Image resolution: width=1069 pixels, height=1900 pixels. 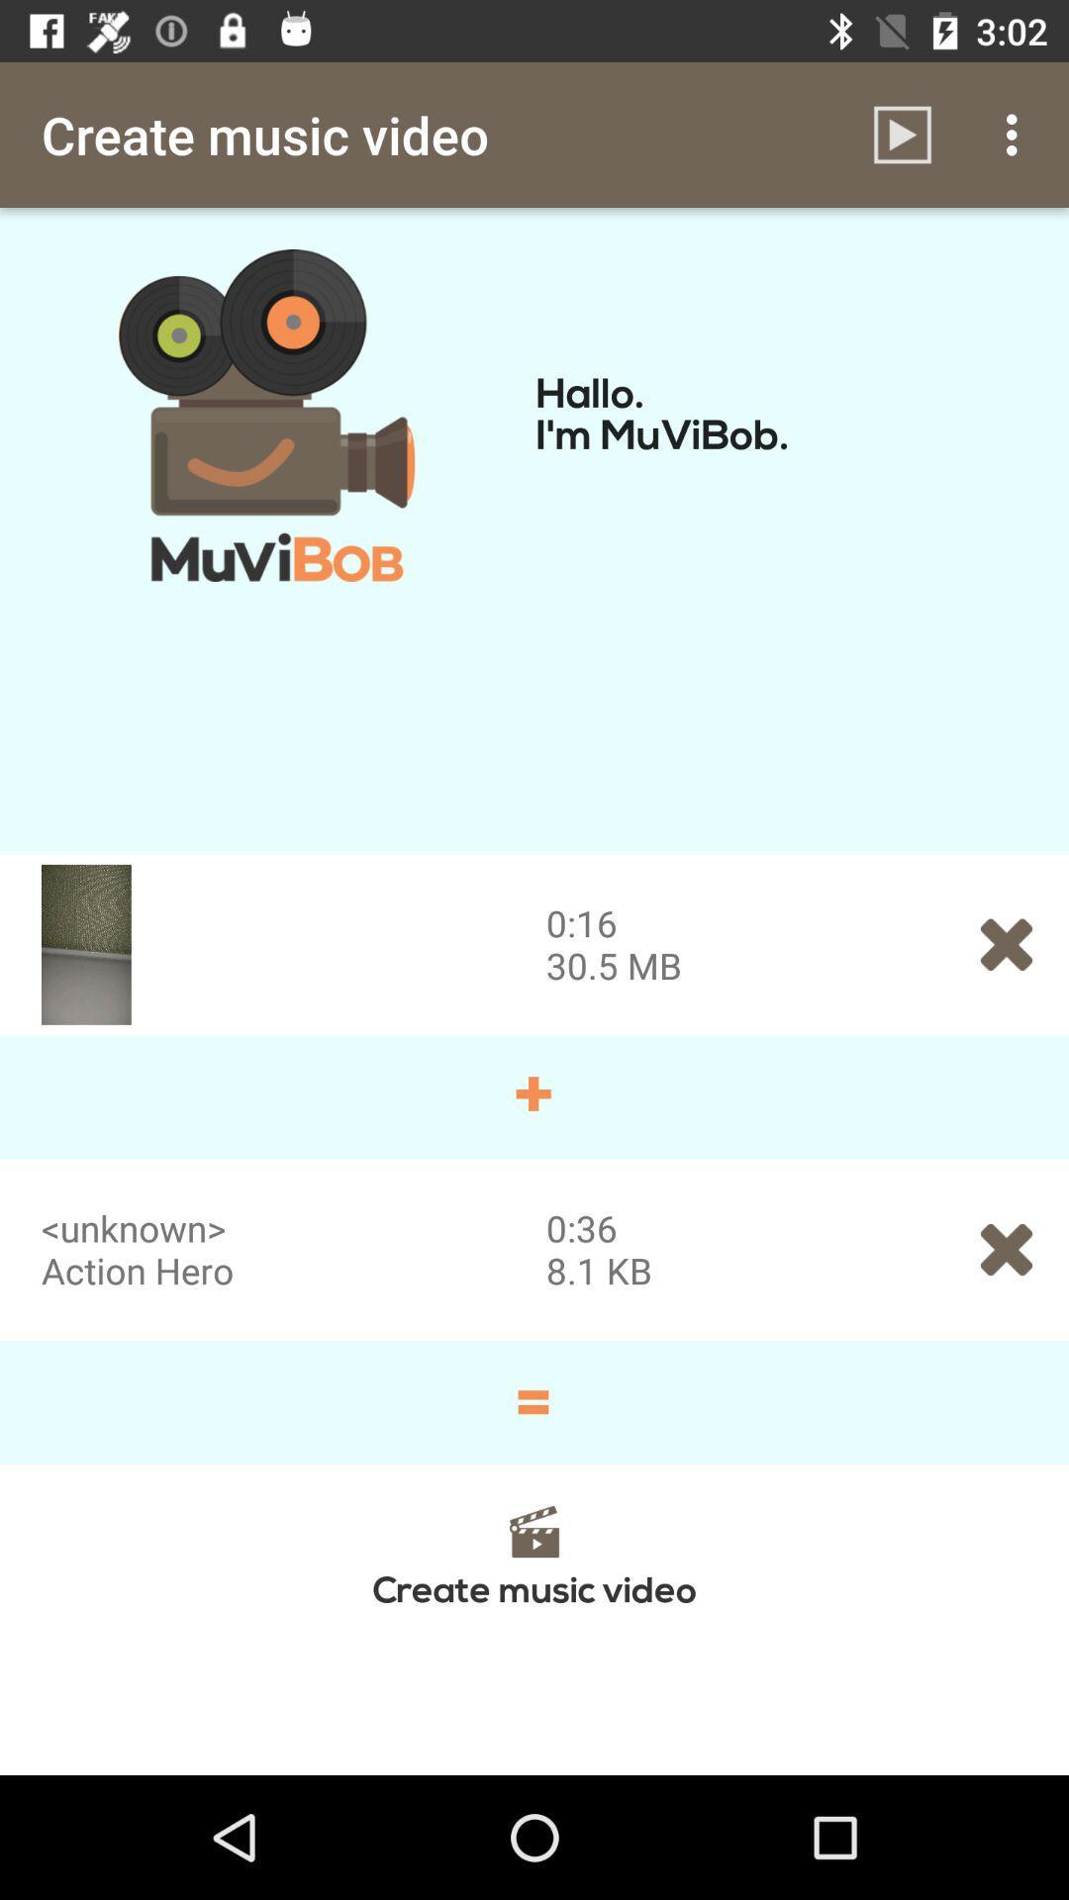 What do you see at coordinates (1007, 943) in the screenshot?
I see `the close icon` at bounding box center [1007, 943].